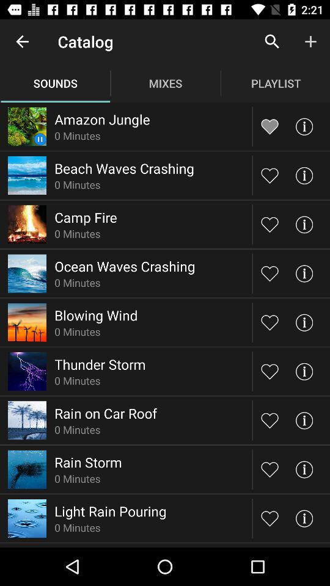  I want to click on mark the choices you love, so click(269, 468).